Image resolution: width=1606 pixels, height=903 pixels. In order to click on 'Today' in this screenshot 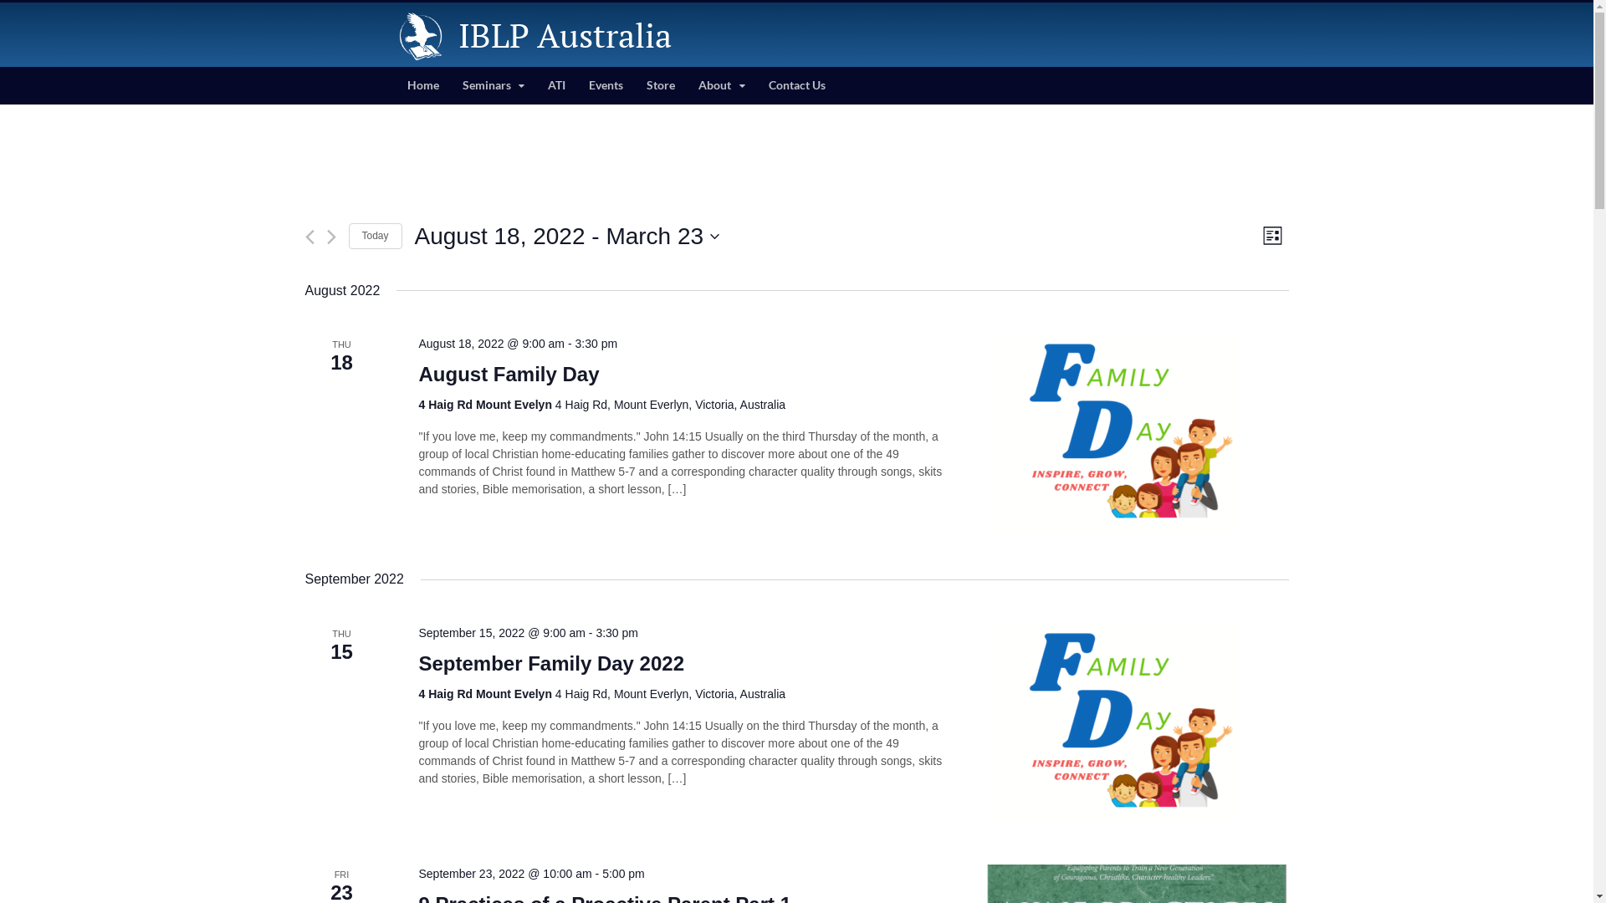, I will do `click(373, 236)`.